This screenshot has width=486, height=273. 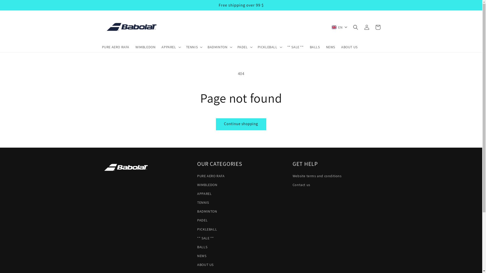 I want to click on '** SALE **', so click(x=284, y=47).